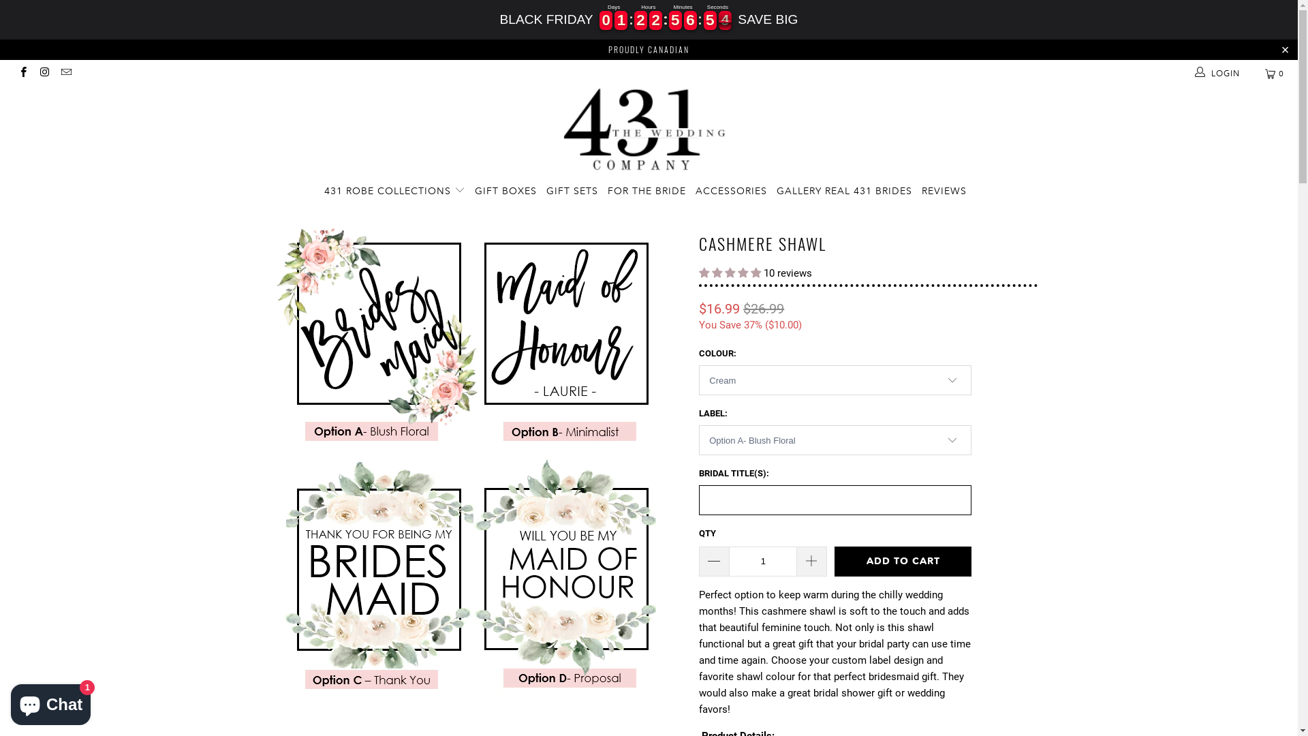 This screenshot has width=1308, height=736. Describe the element at coordinates (648, 131) in the screenshot. I see `'431 The Wedding Company'` at that location.